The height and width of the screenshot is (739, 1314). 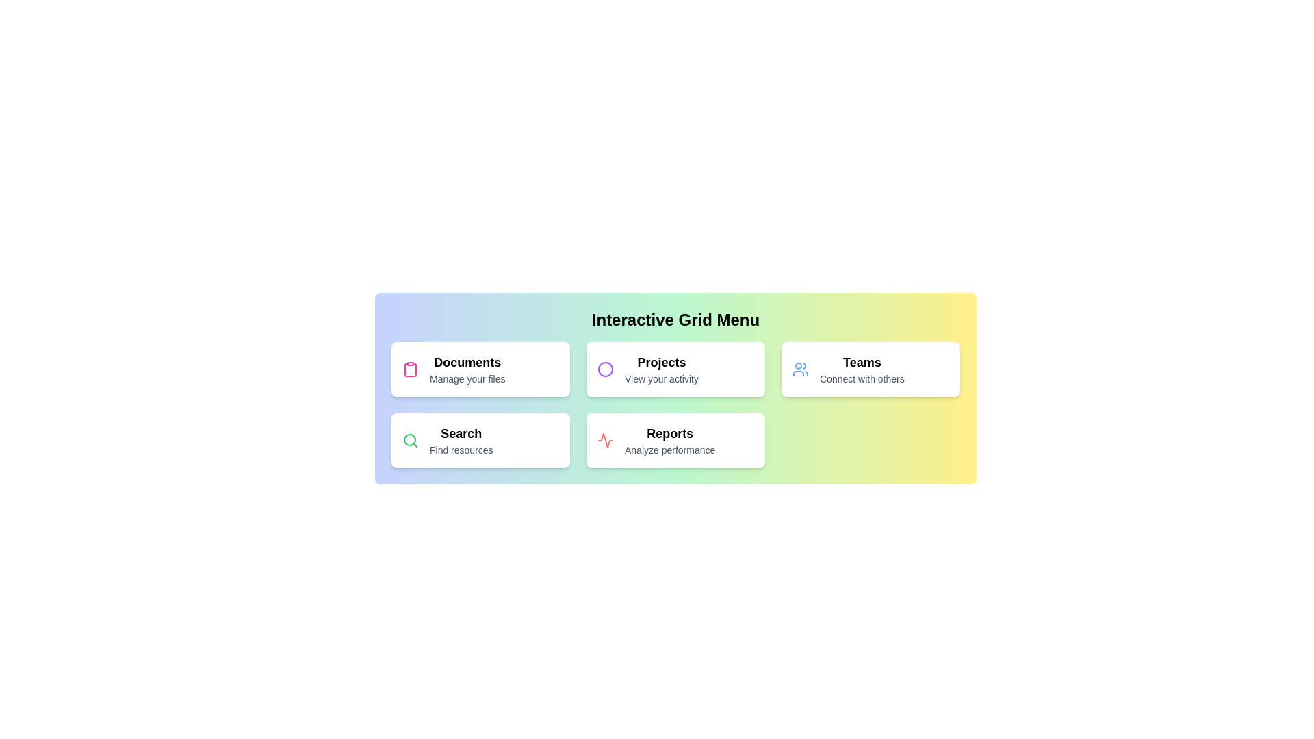 I want to click on the Search menu item to select it, so click(x=480, y=441).